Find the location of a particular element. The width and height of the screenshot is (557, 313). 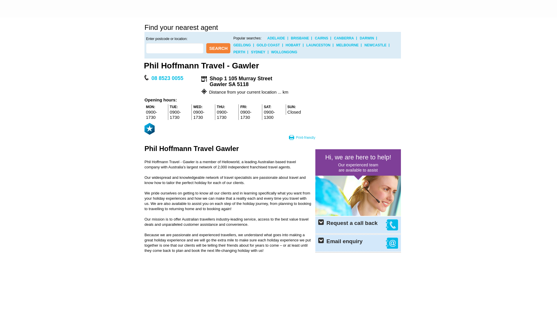

'CANBERRA' is located at coordinates (344, 38).